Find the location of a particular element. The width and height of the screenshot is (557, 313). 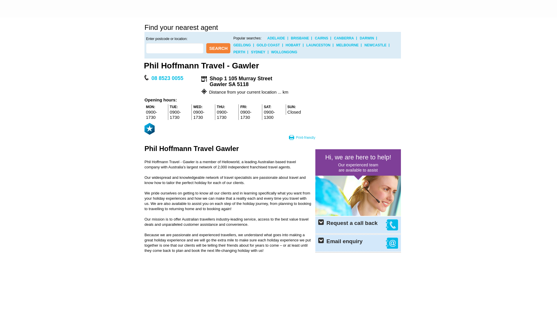

'CANBERRA' is located at coordinates (344, 38).